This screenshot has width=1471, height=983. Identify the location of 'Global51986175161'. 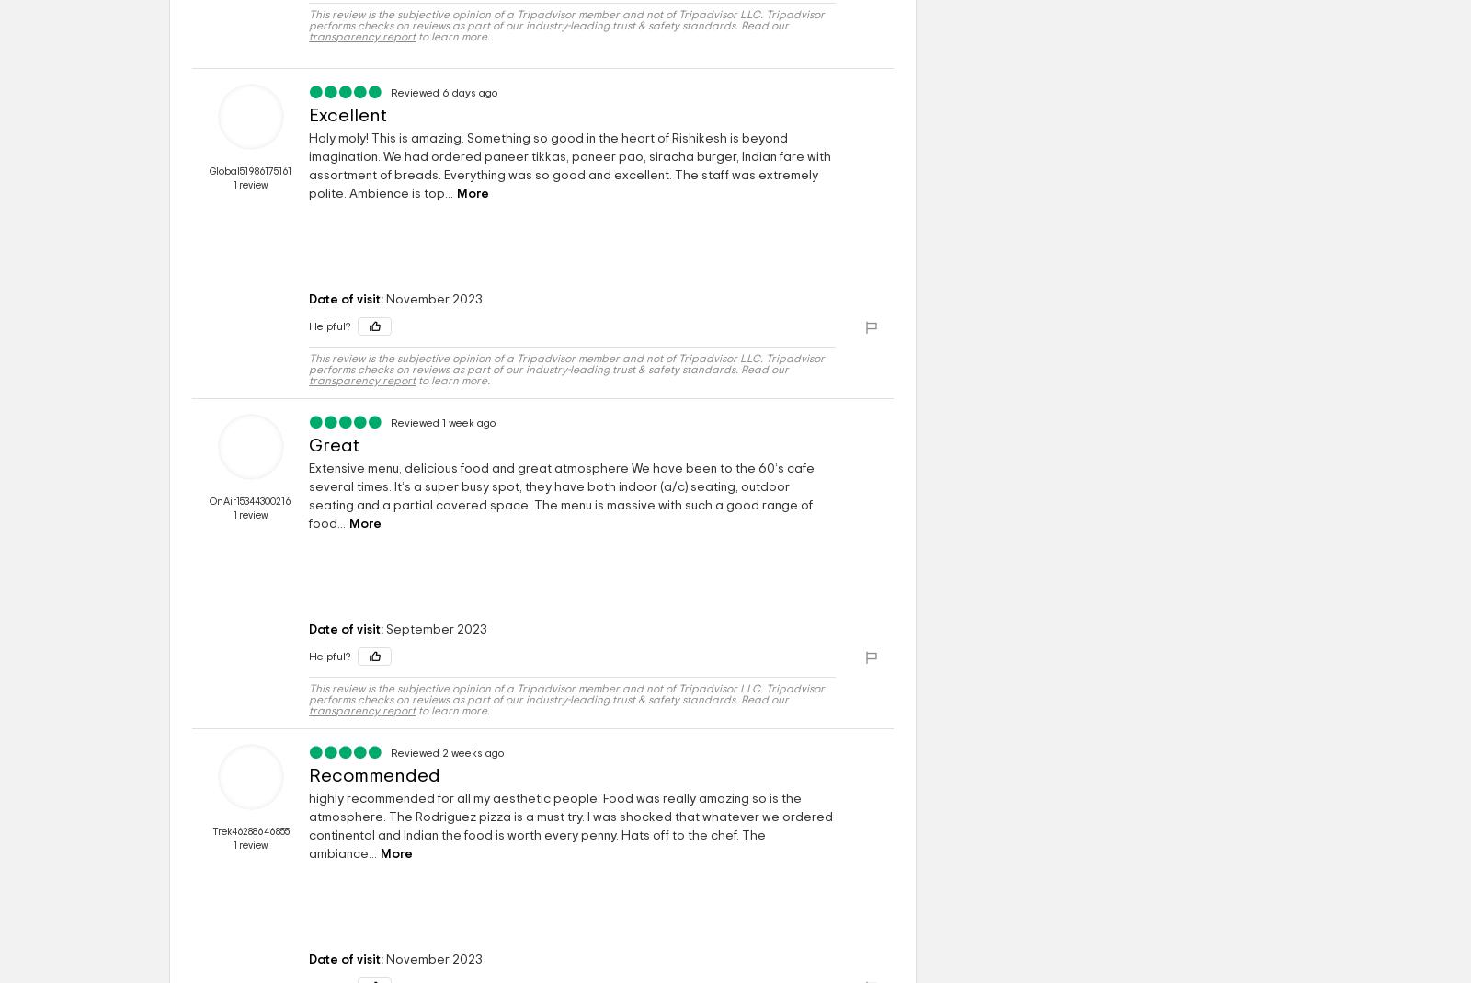
(209, 171).